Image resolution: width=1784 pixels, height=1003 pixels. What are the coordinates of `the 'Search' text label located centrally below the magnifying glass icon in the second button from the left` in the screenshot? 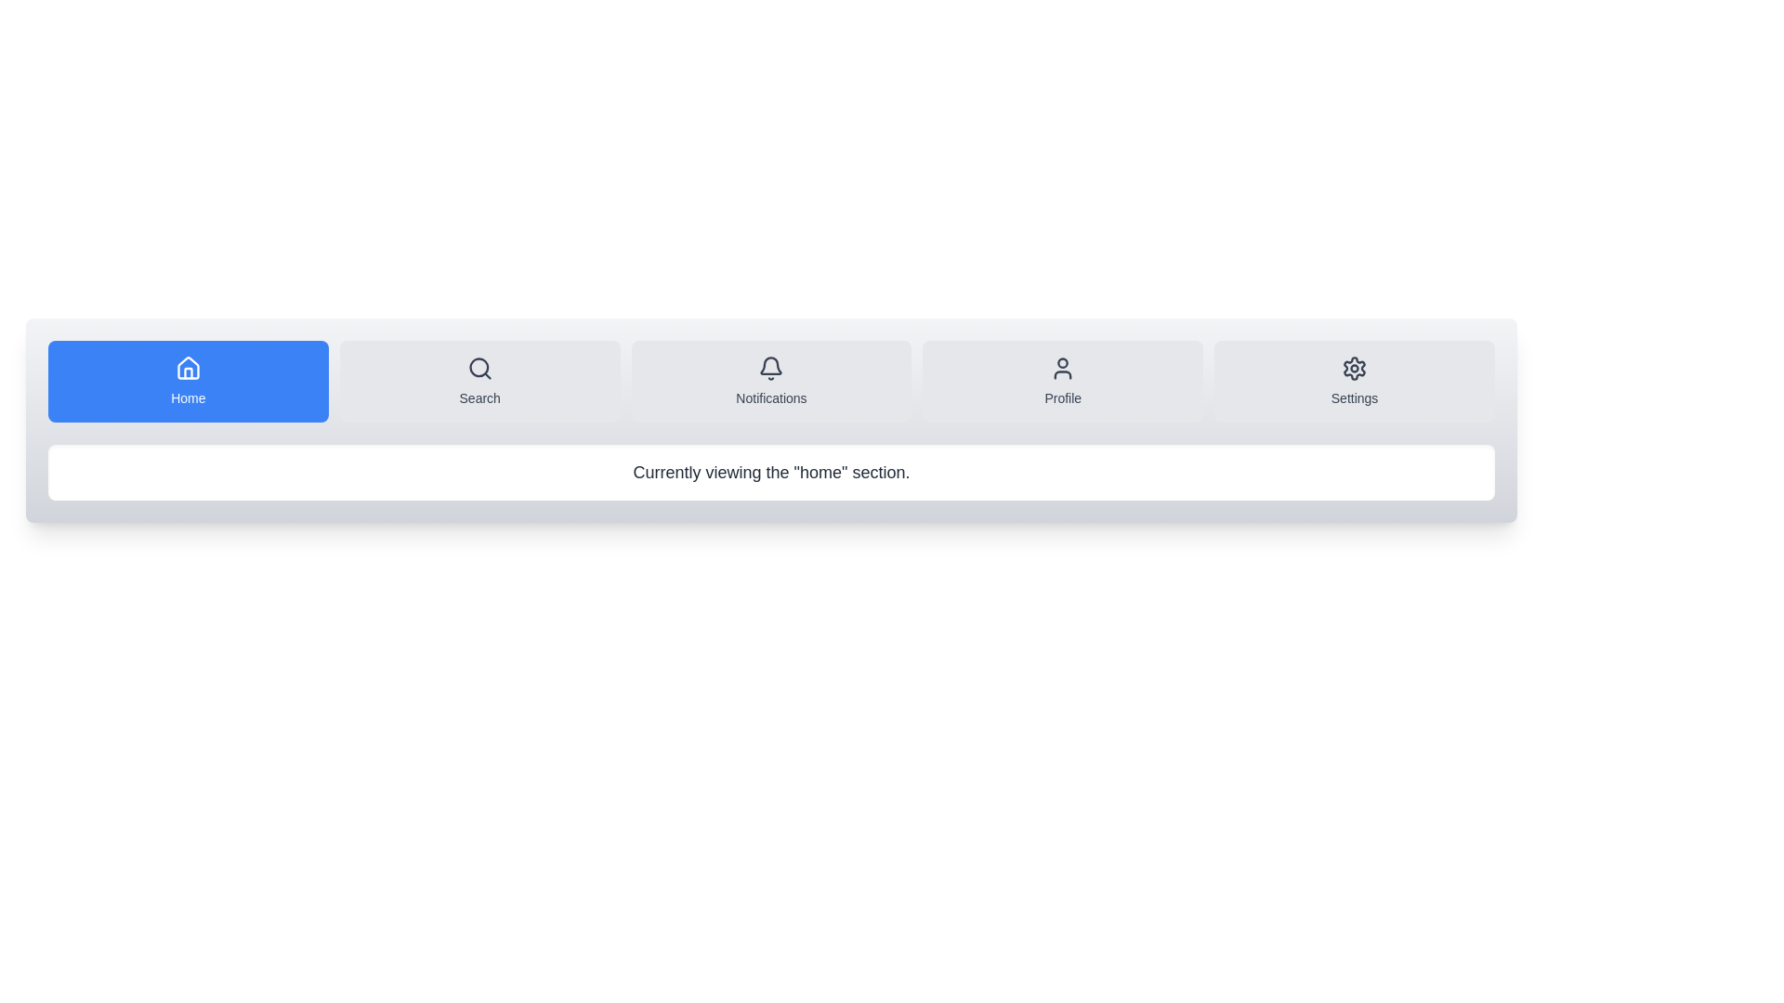 It's located at (479, 397).